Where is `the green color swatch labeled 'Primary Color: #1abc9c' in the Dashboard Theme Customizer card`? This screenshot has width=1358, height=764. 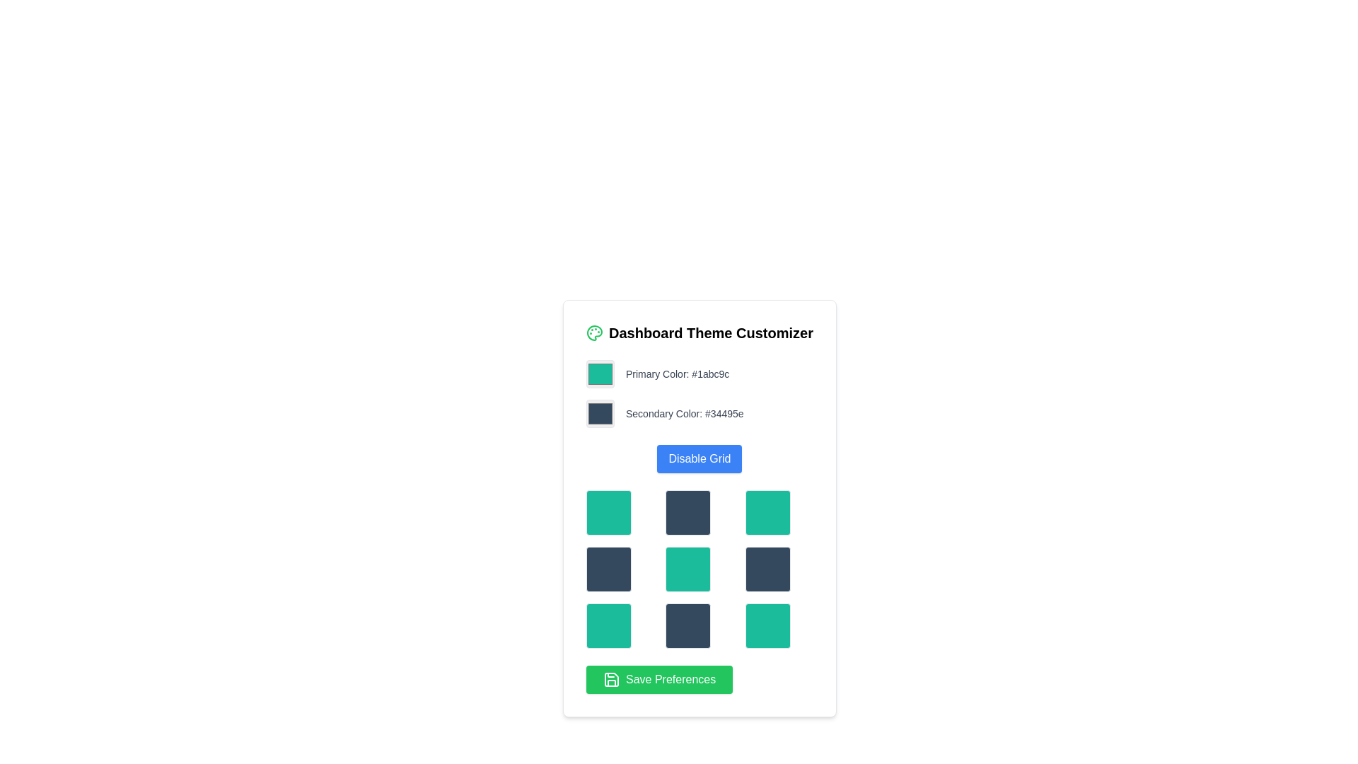
the green color swatch labeled 'Primary Color: #1abc9c' in the Dashboard Theme Customizer card is located at coordinates (700, 393).